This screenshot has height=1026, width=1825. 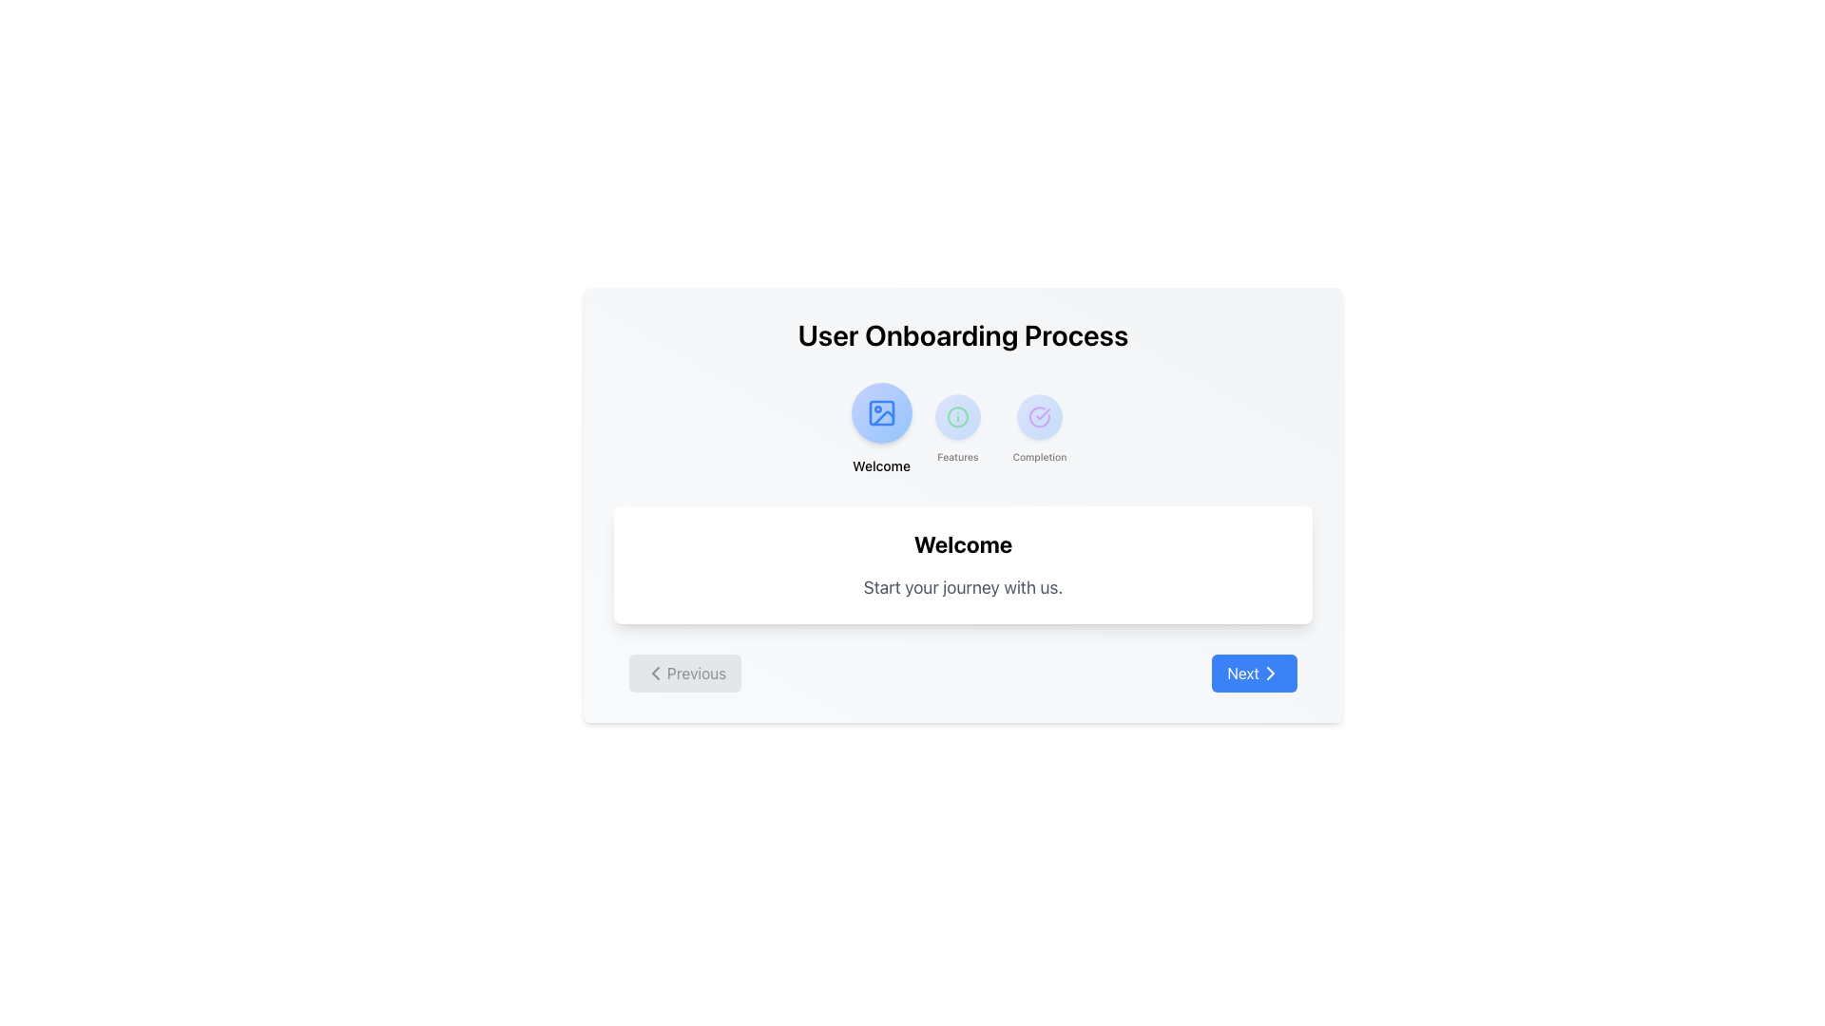 I want to click on the small circular interactive icon button with a gradient background and a green information symbol, located in the top section of the onboarding interface under 'User Onboarding Process', so click(x=957, y=416).